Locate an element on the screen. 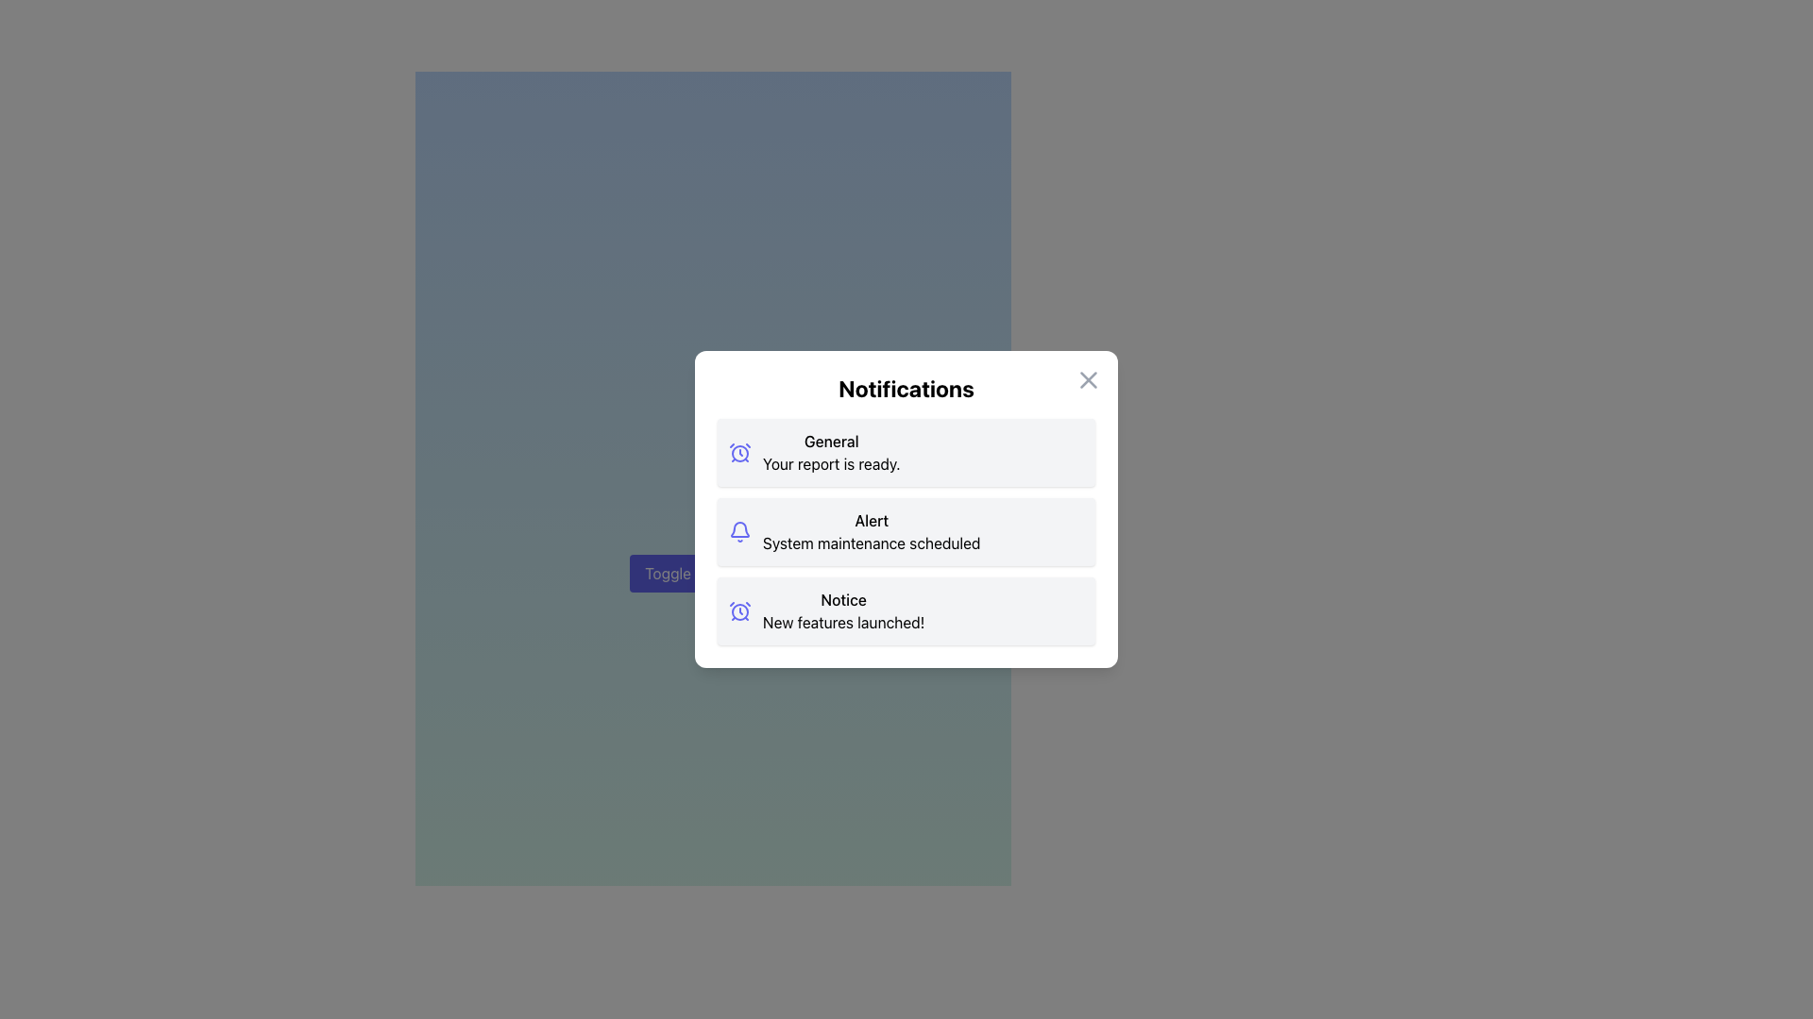 The height and width of the screenshot is (1019, 1813). the Notification Item that displays information about a system maintenance event, which is the second entry in a vertically stacked list of notifications is located at coordinates (906, 531).